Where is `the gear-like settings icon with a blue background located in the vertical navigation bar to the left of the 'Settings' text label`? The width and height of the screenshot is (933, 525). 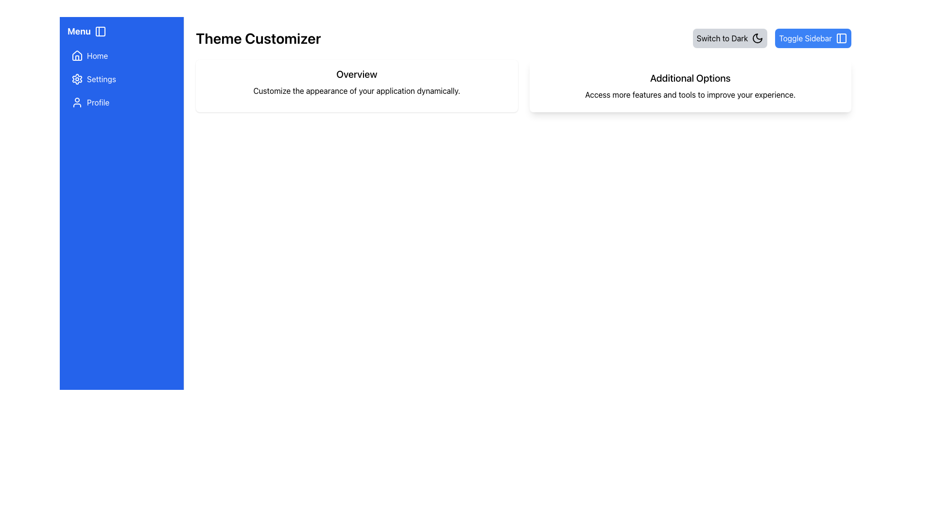
the gear-like settings icon with a blue background located in the vertical navigation bar to the left of the 'Settings' text label is located at coordinates (76, 78).